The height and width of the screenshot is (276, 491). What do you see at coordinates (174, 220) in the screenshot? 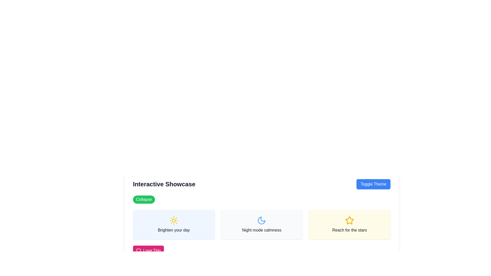
I see `the sun icon, which is bright yellow with radial lines, located above the label 'Brighten your day' in the center of the first row of elements` at bounding box center [174, 220].